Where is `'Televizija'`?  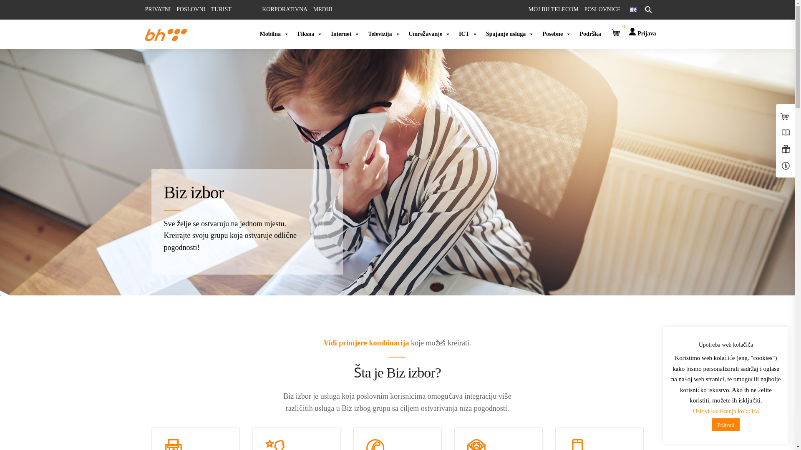
'Televizija' is located at coordinates (383, 33).